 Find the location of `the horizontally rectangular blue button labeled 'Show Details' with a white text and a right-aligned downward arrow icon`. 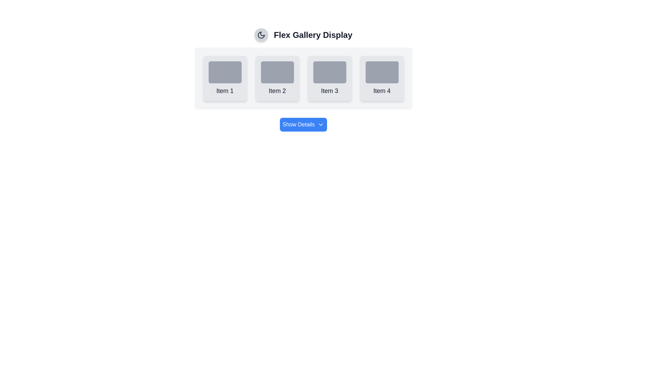

the horizontally rectangular blue button labeled 'Show Details' with a white text and a right-aligned downward arrow icon is located at coordinates (303, 125).